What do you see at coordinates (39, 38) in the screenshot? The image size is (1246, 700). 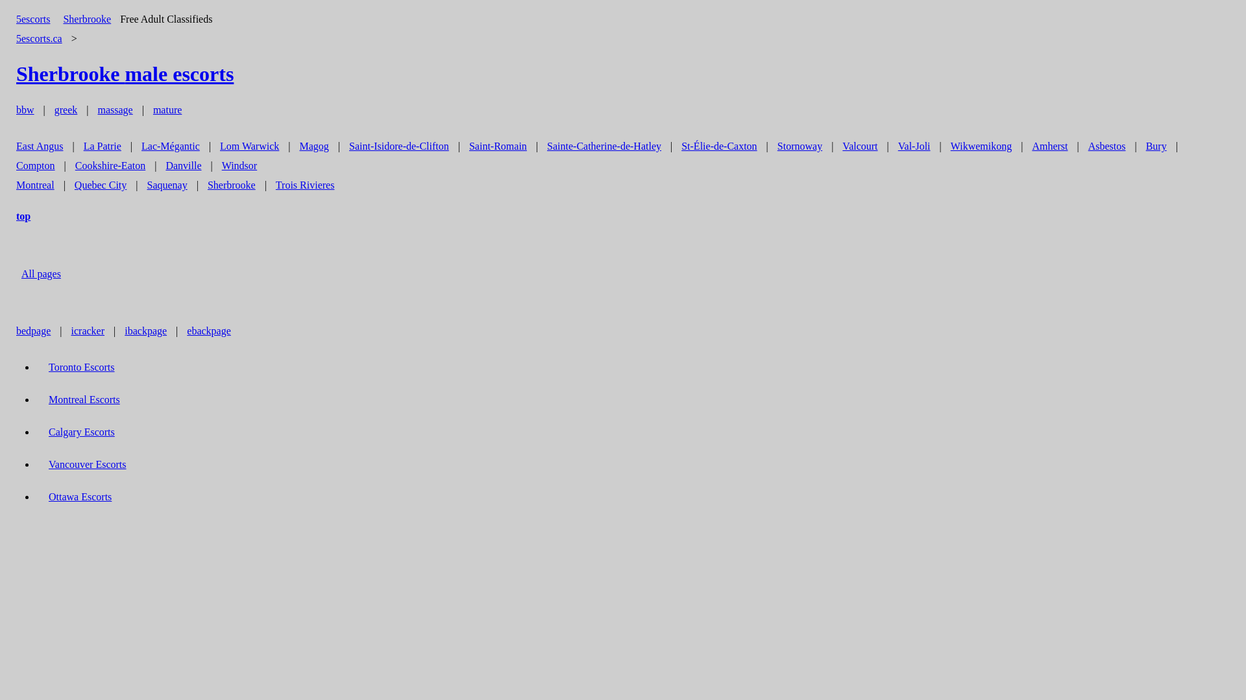 I see `'5escorts.ca'` at bounding box center [39, 38].